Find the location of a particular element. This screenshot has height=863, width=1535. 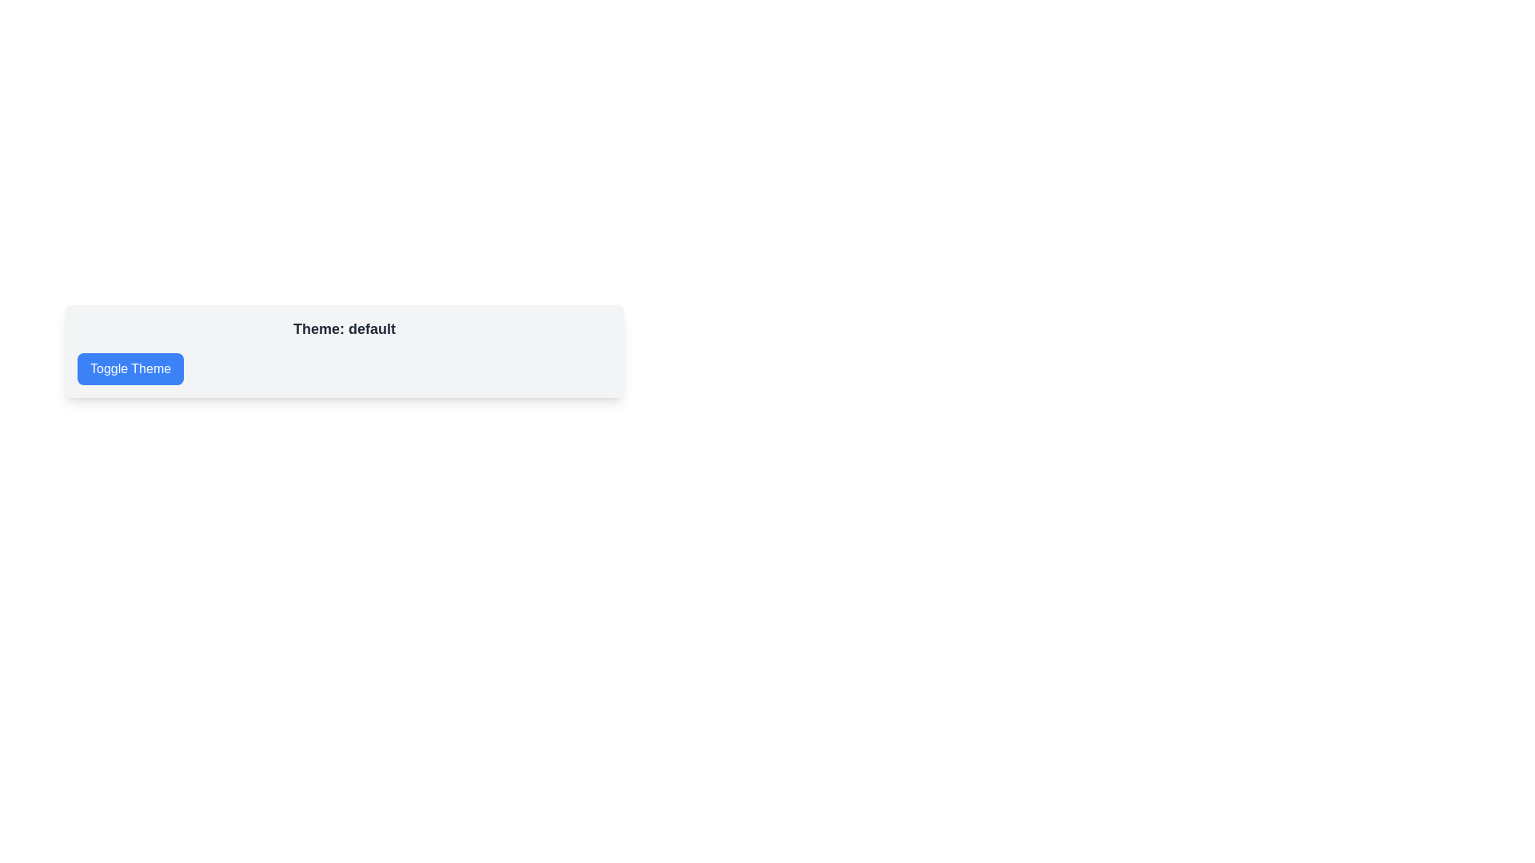

the text label displaying 'Theme: default', which is styled in a larger font and bold weight, positioned centrally above the toggle button is located at coordinates (344, 328).